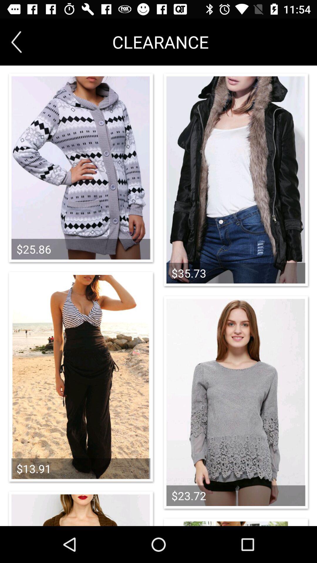 This screenshot has width=317, height=563. Describe the element at coordinates (16, 42) in the screenshot. I see `item next to clearance` at that location.